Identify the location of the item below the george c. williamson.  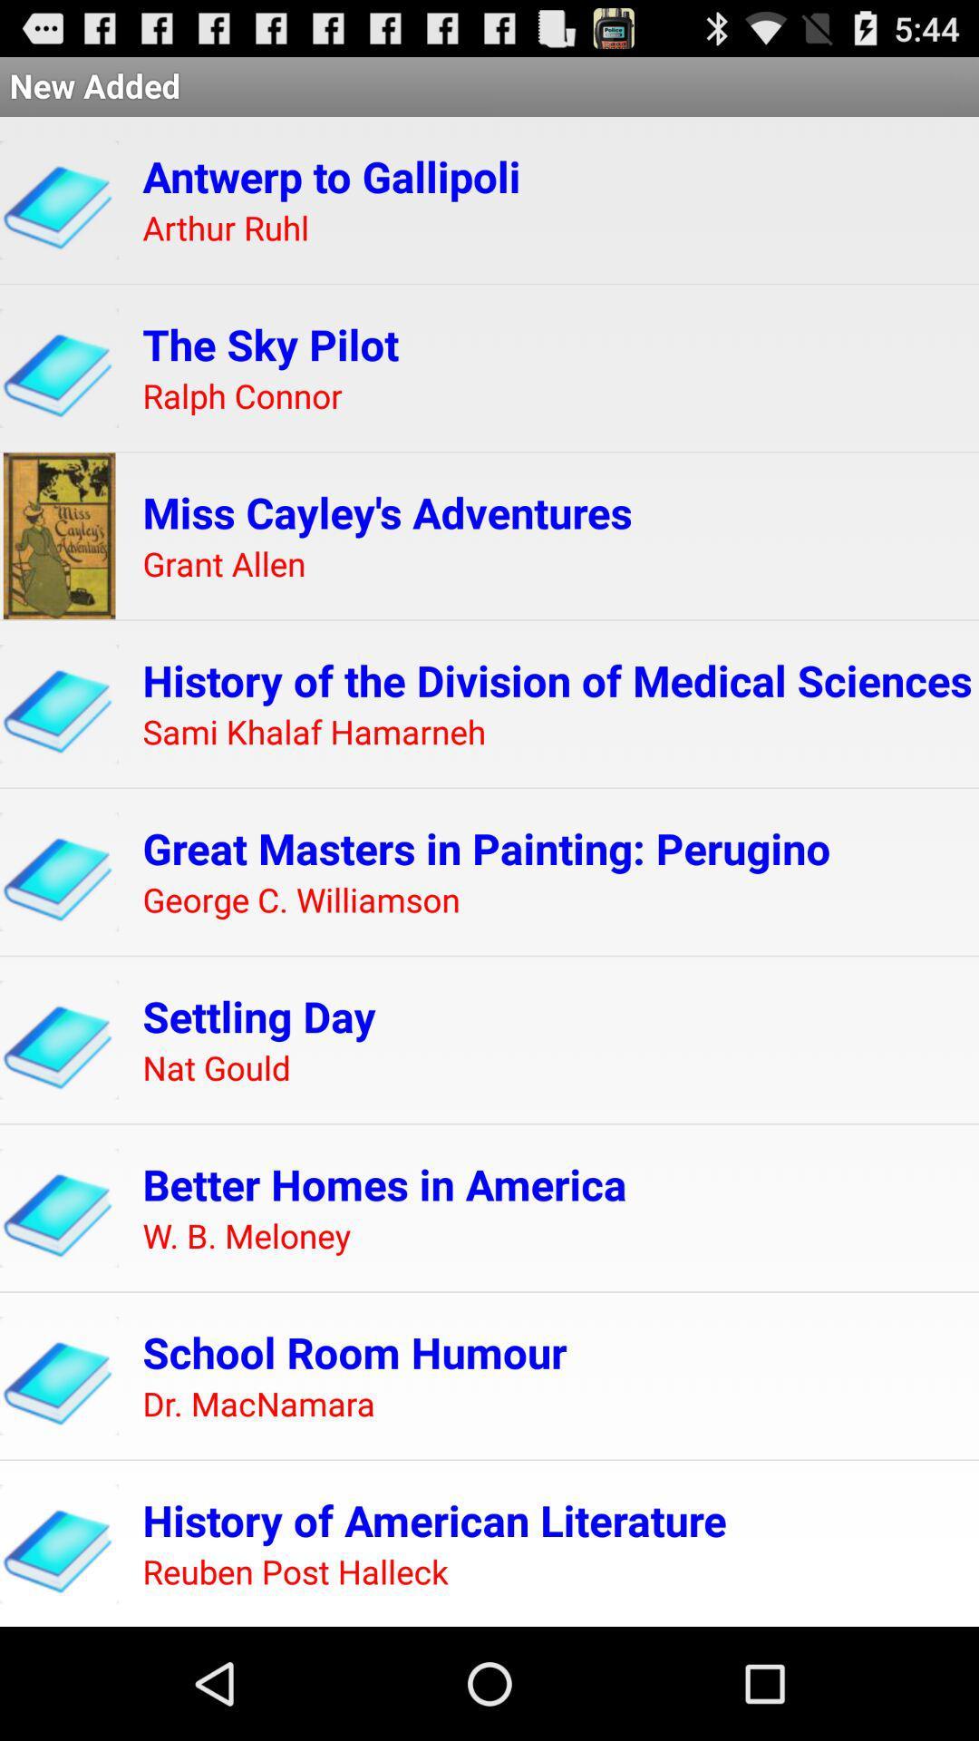
(259, 1016).